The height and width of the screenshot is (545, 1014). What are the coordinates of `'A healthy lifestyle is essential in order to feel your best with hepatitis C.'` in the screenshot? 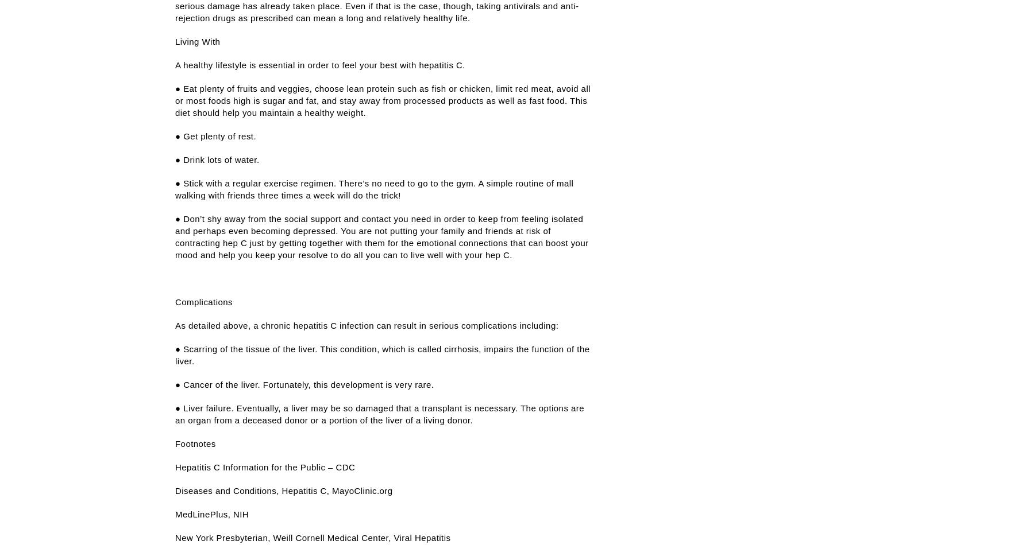 It's located at (319, 65).